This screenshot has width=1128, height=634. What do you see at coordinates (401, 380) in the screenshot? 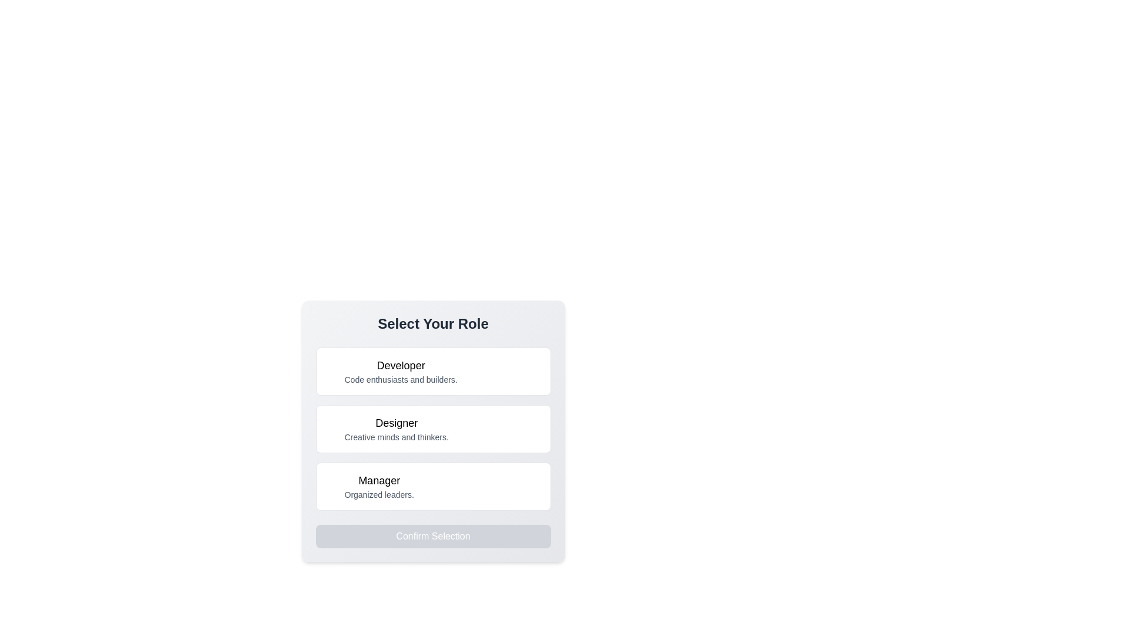
I see `the descriptive text element beneath the 'Developer' label in the first option box` at bounding box center [401, 380].